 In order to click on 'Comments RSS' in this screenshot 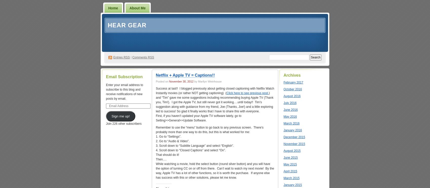, I will do `click(143, 57)`.